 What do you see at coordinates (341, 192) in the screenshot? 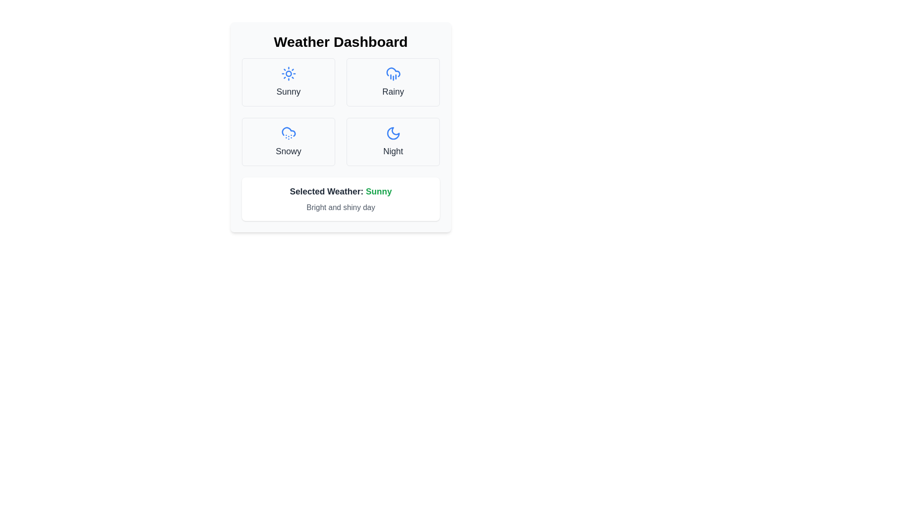
I see `the informational text component displaying 'Selected Weather: Sunny' in bold with 'Sunny' in green` at bounding box center [341, 192].